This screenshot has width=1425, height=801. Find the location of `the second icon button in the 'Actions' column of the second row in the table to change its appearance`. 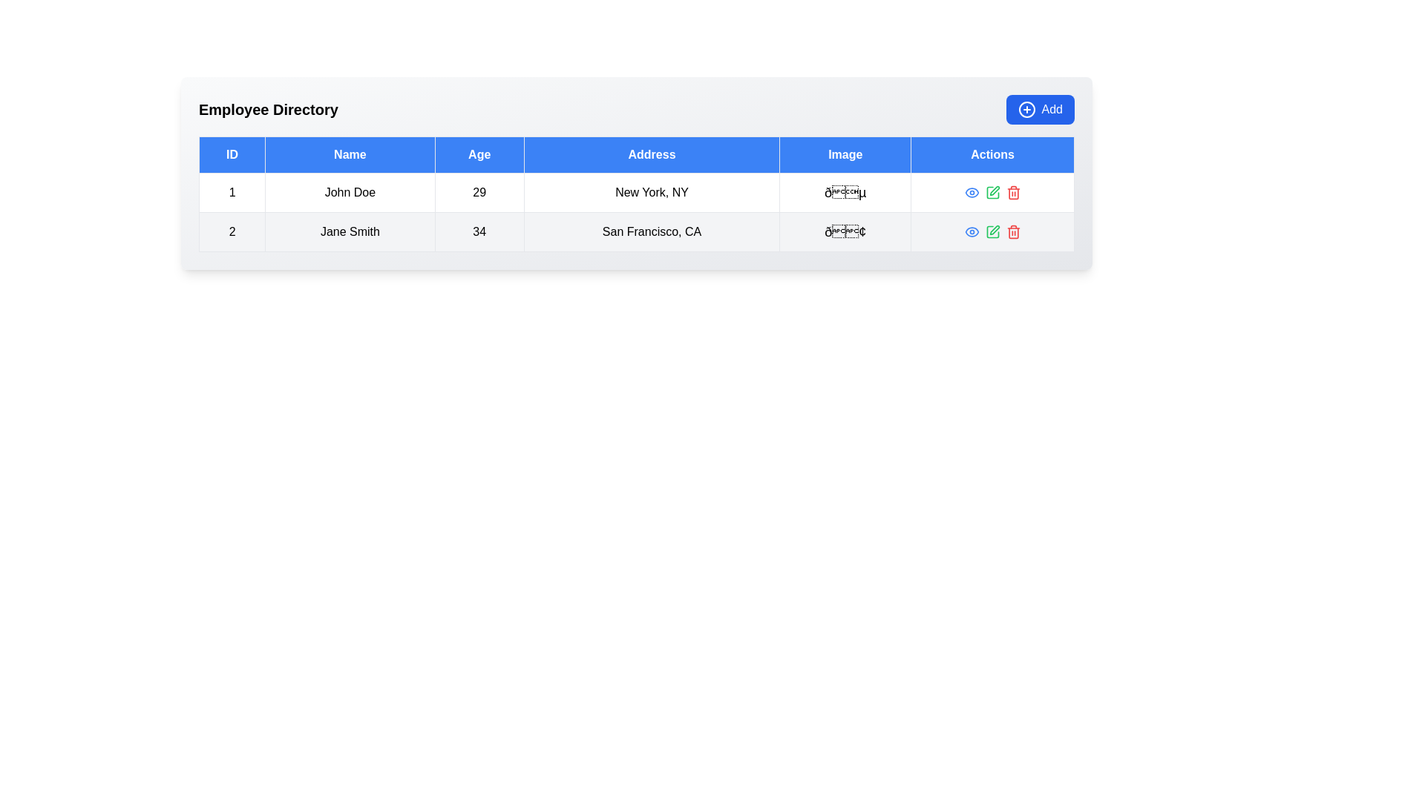

the second icon button in the 'Actions' column of the second row in the table to change its appearance is located at coordinates (992, 231).